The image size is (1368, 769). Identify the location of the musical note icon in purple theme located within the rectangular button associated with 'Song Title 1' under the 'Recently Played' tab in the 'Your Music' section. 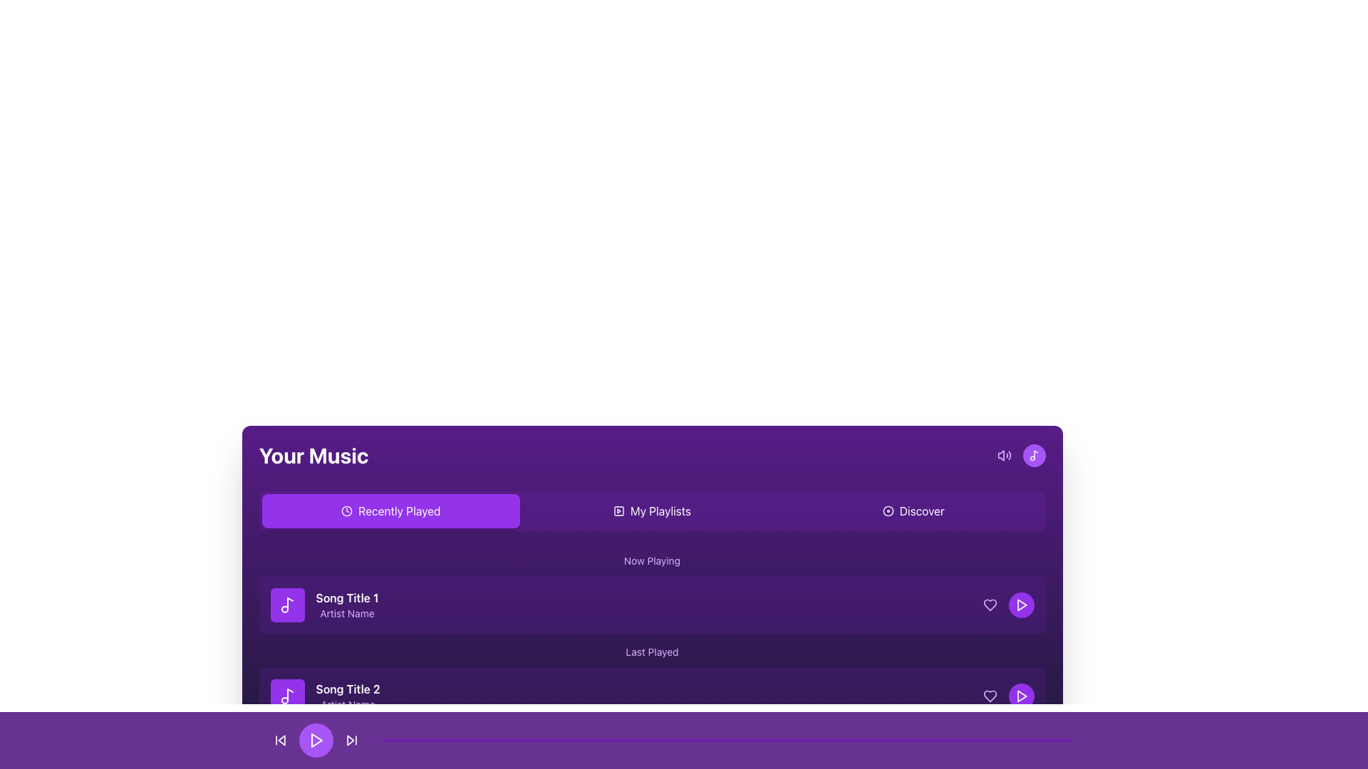
(286, 605).